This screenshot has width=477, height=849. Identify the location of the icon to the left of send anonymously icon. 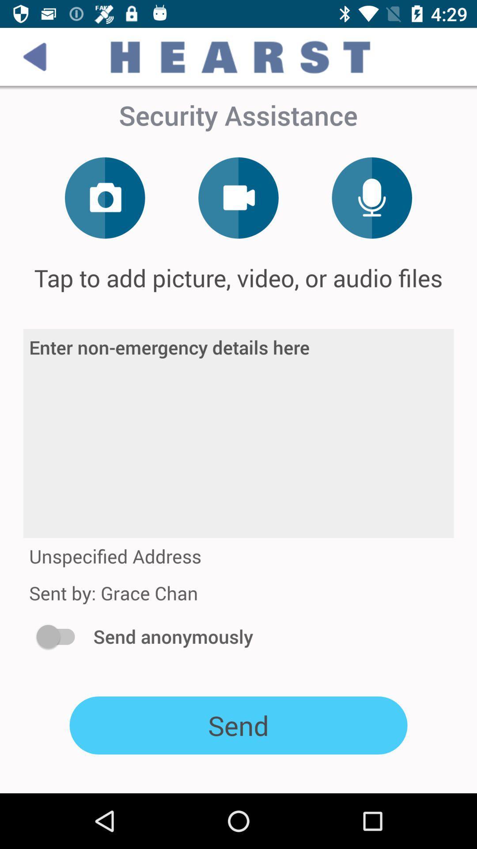
(60, 636).